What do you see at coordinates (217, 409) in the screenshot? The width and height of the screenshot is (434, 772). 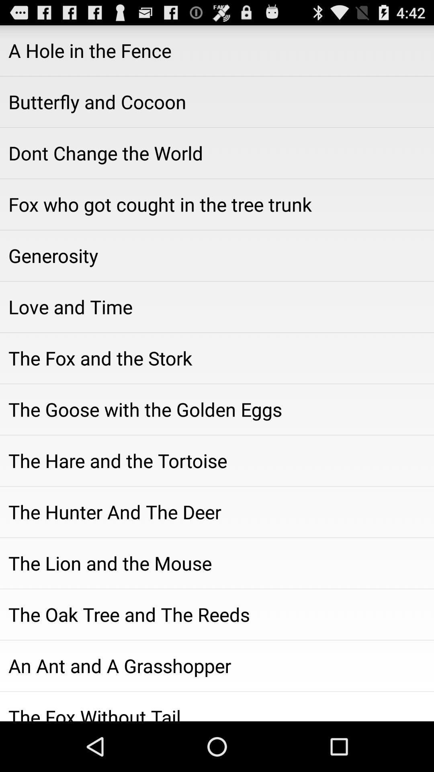 I see `the goose with icon` at bounding box center [217, 409].